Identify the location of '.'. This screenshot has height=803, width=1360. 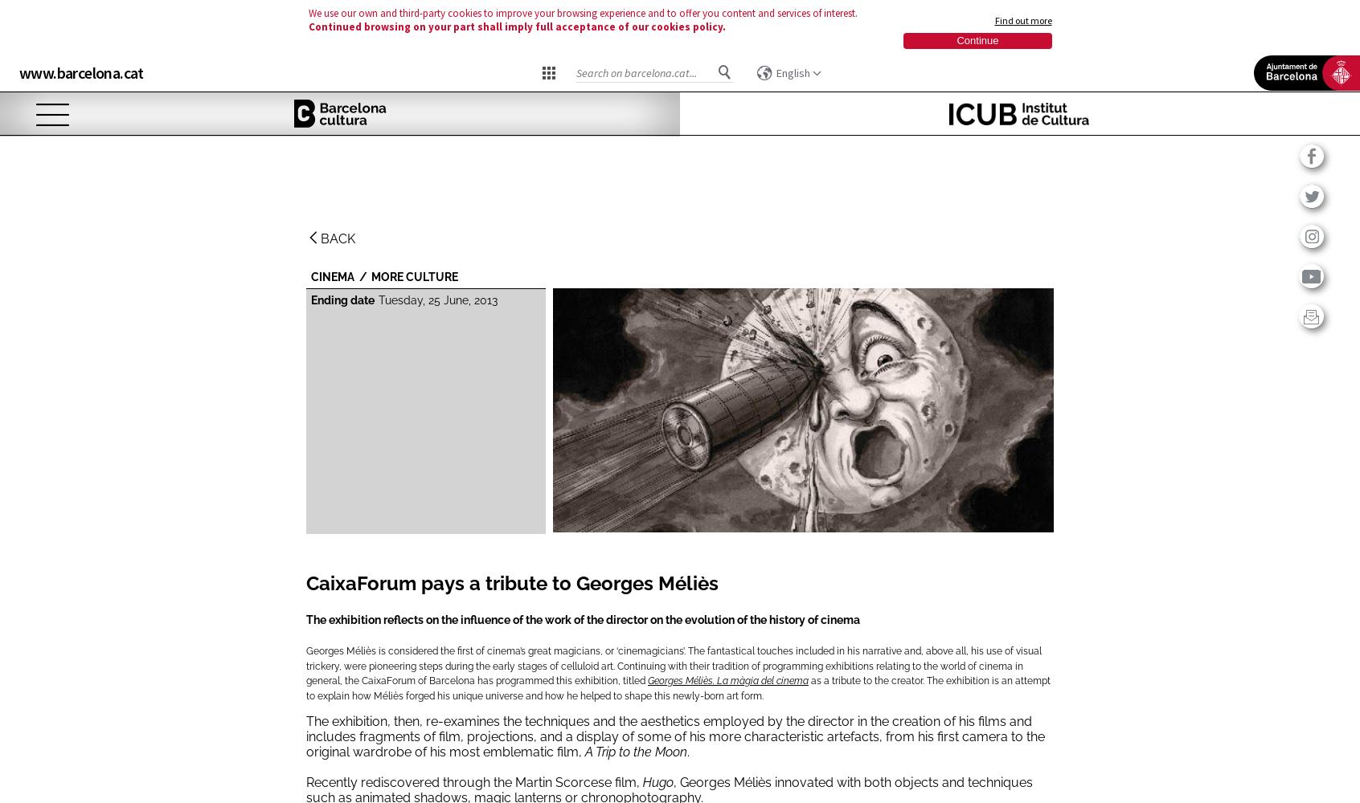
(687, 752).